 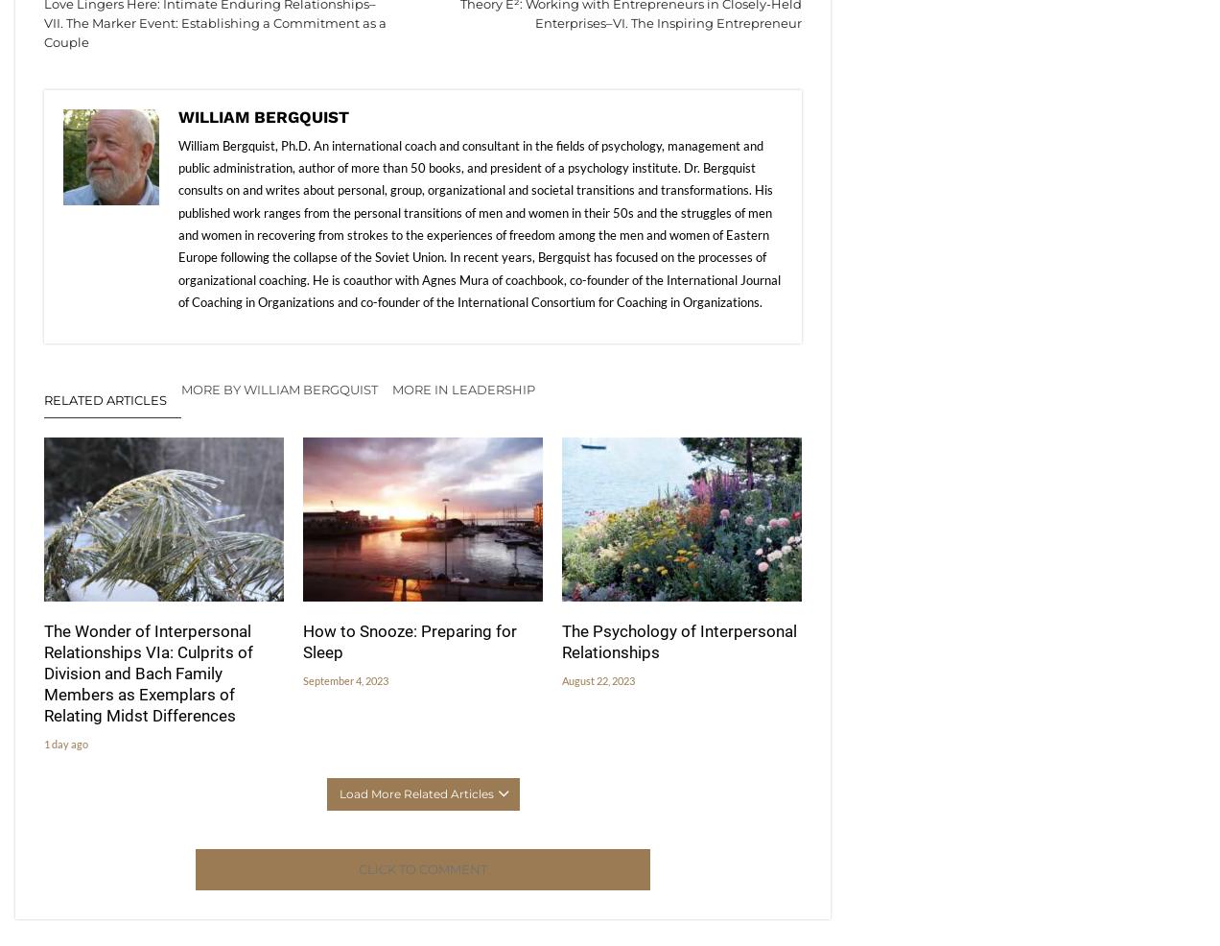 What do you see at coordinates (43, 398) in the screenshot?
I see `'Related Articles'` at bounding box center [43, 398].